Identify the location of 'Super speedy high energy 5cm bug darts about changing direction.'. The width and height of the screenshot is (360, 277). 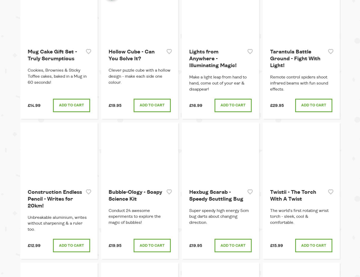
(218, 216).